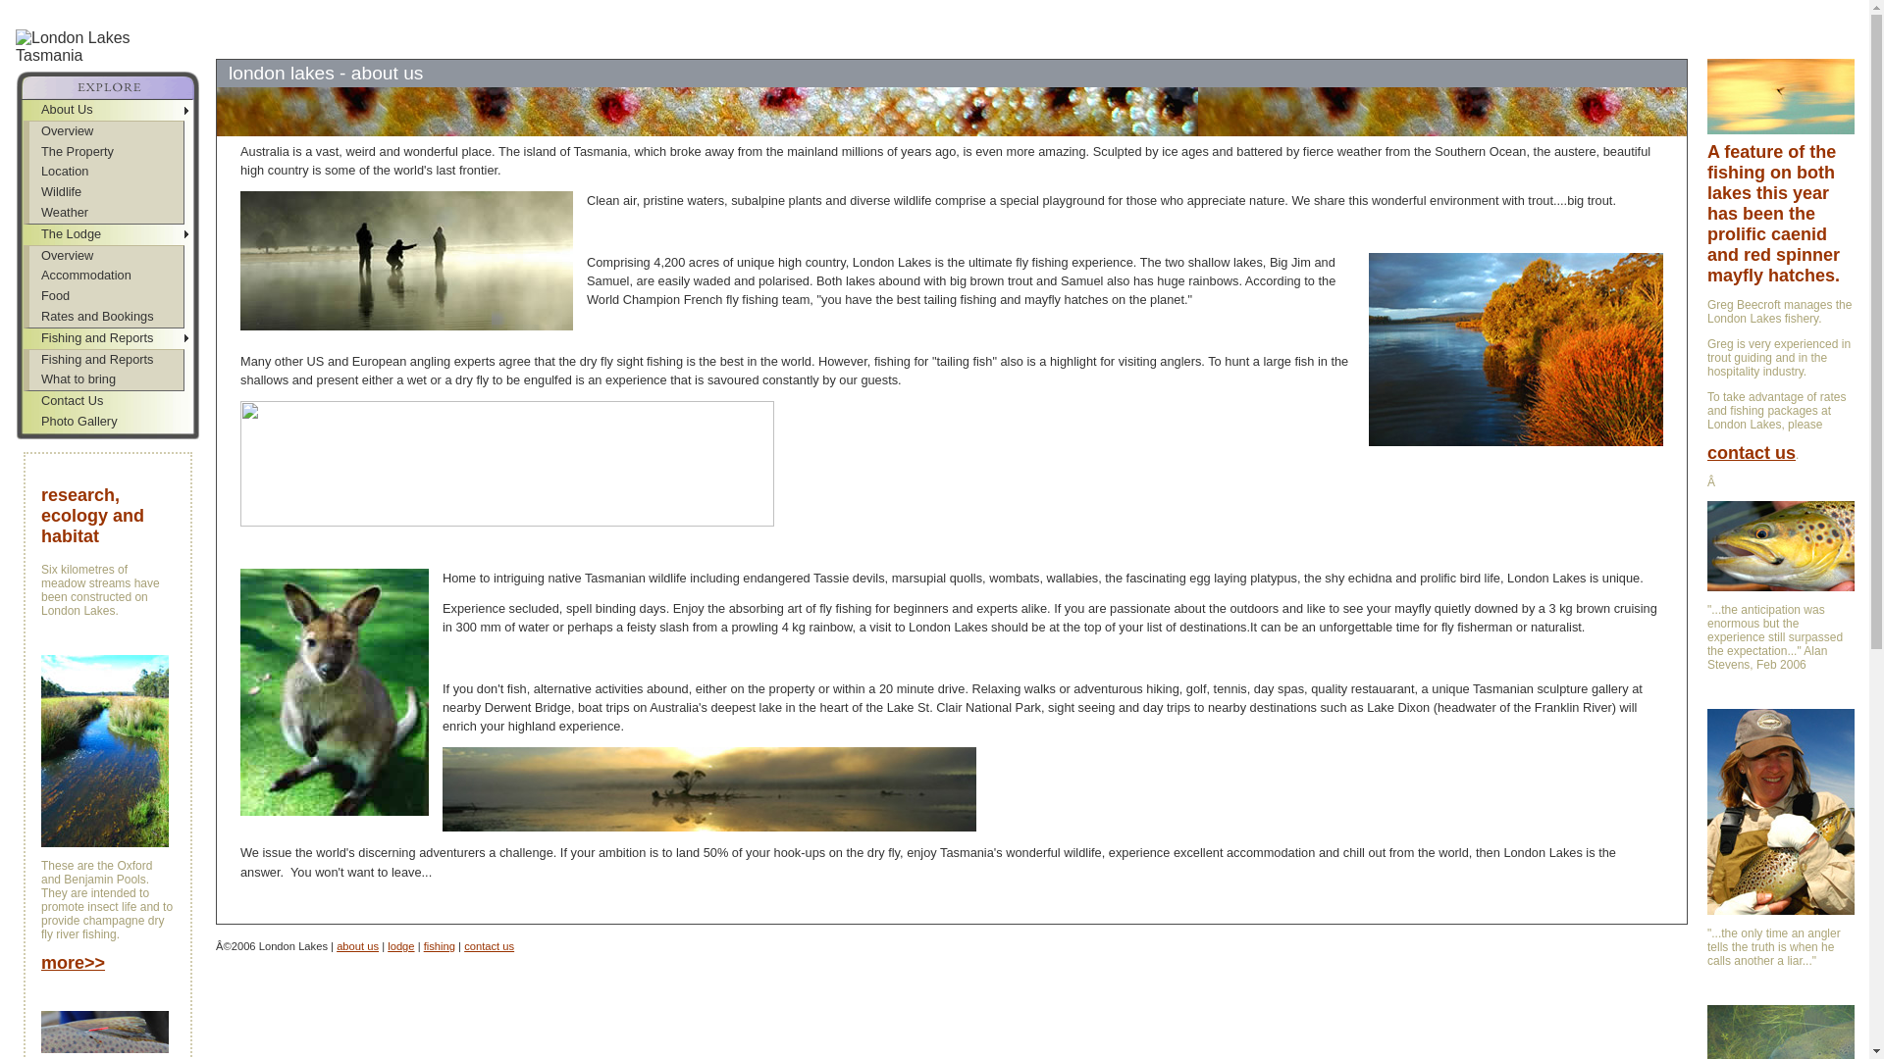 The height and width of the screenshot is (1059, 1884). What do you see at coordinates (105, 296) in the screenshot?
I see `'Food'` at bounding box center [105, 296].